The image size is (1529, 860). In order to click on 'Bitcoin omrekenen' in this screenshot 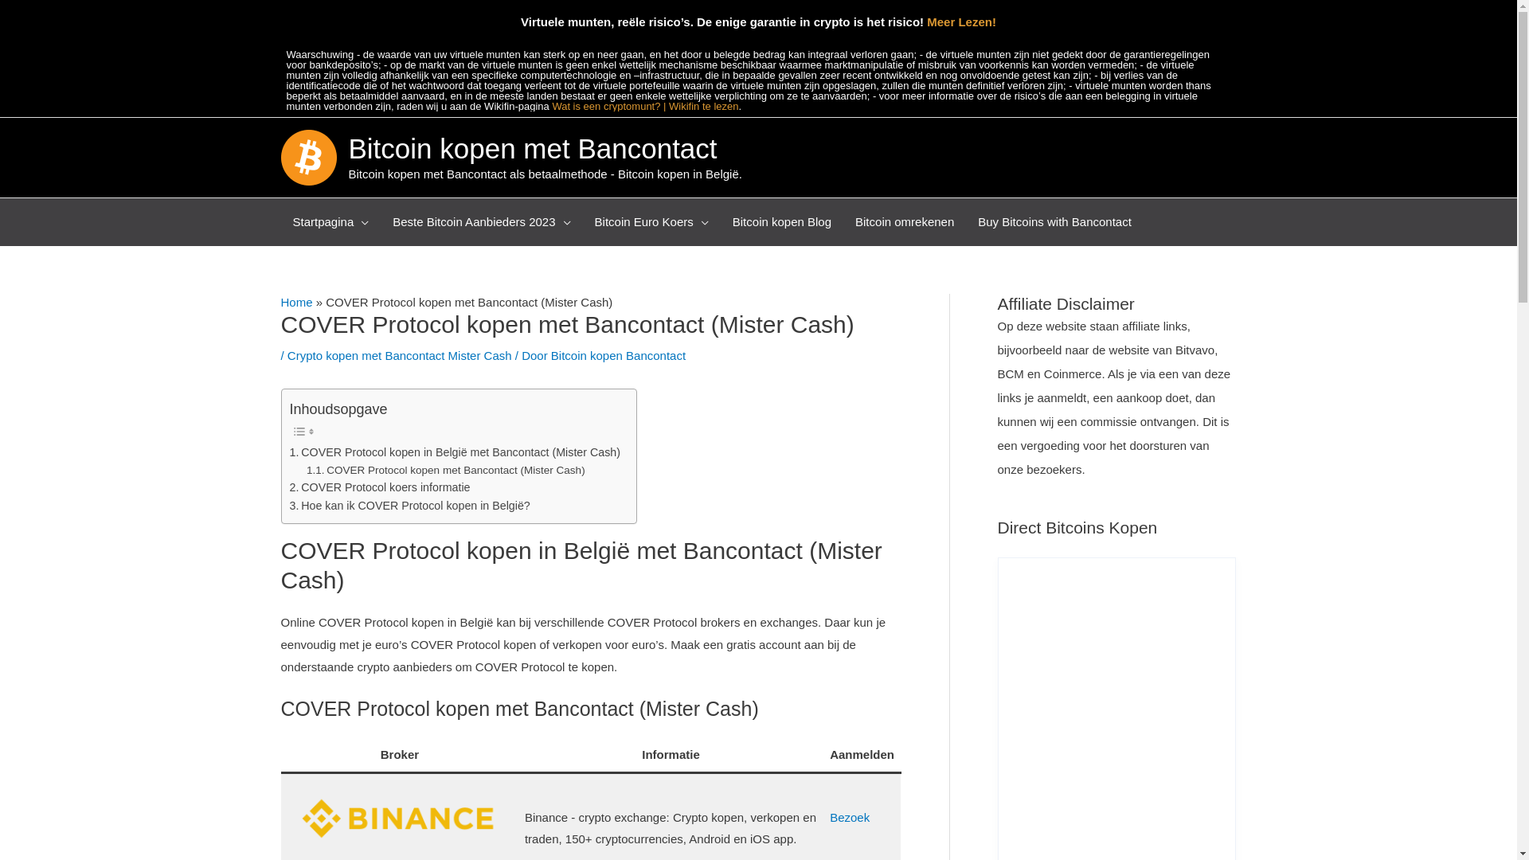, I will do `click(905, 221)`.